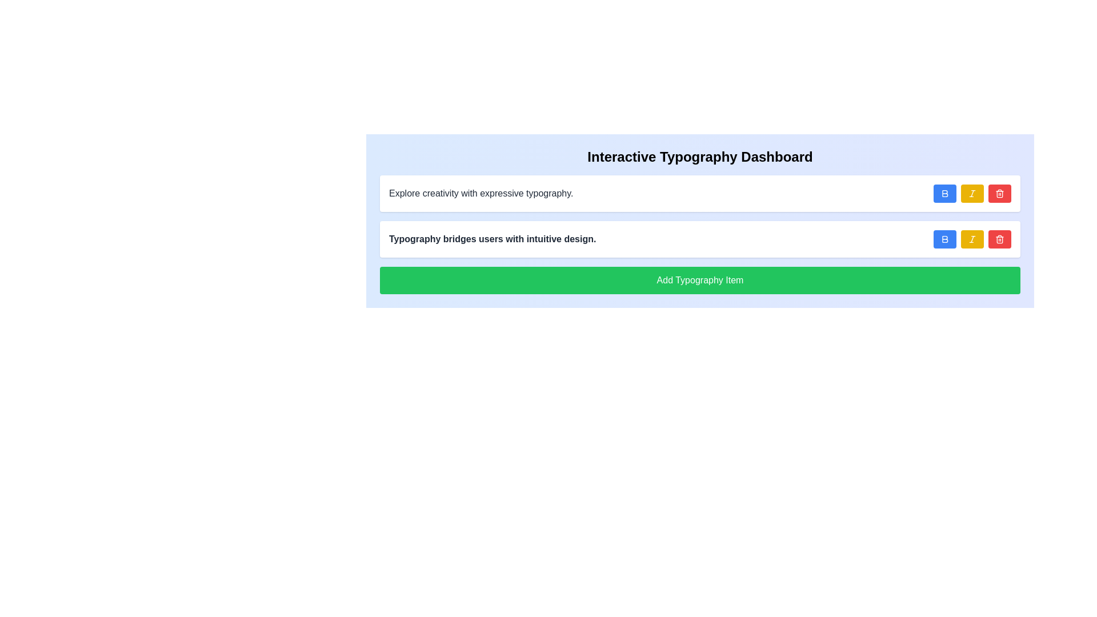  Describe the element at coordinates (972, 193) in the screenshot. I see `the italic styling icon in the formatting toolbar` at that location.